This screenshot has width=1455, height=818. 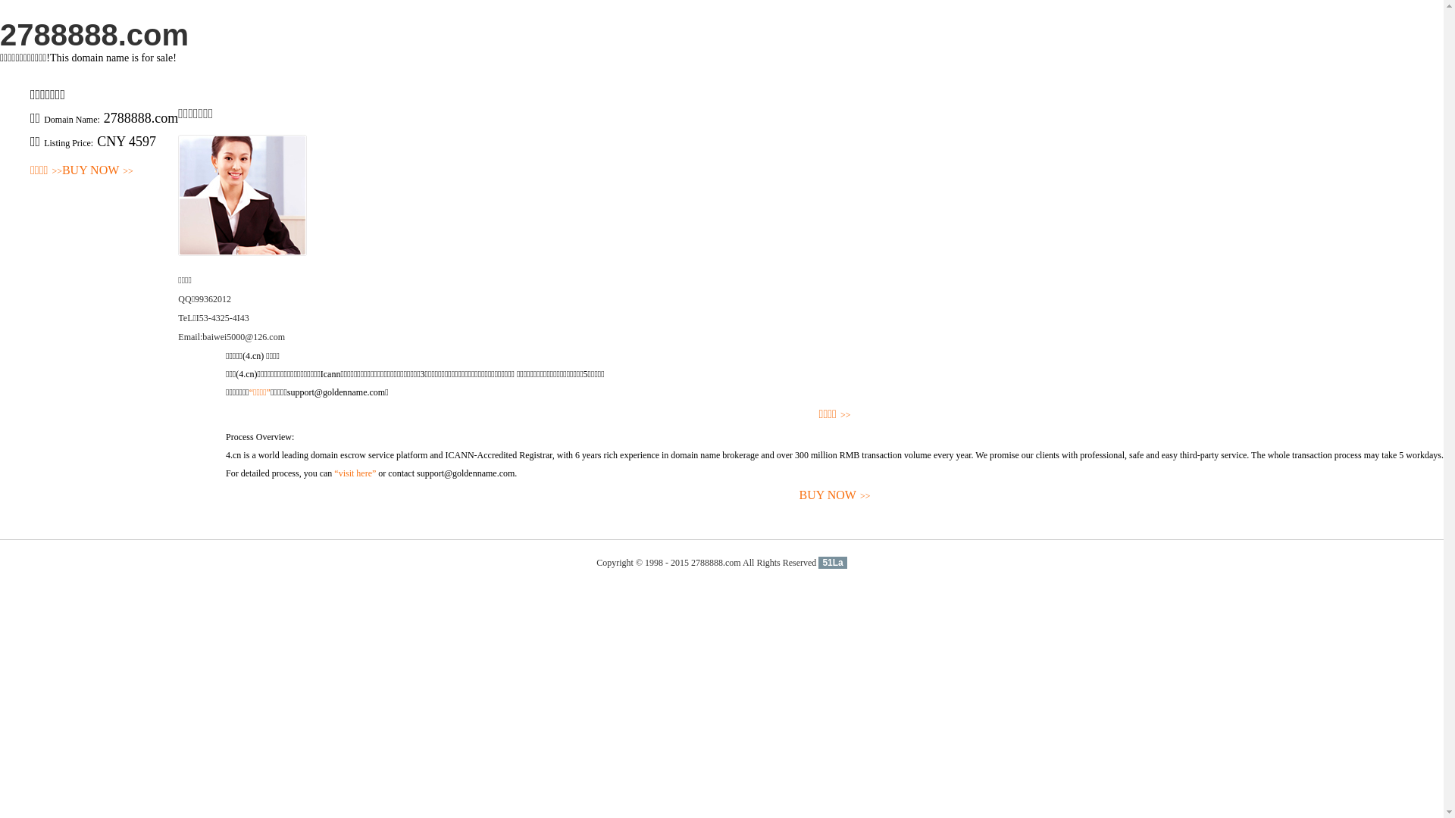 What do you see at coordinates (97, 170) in the screenshot?
I see `'BUY NOW>>'` at bounding box center [97, 170].